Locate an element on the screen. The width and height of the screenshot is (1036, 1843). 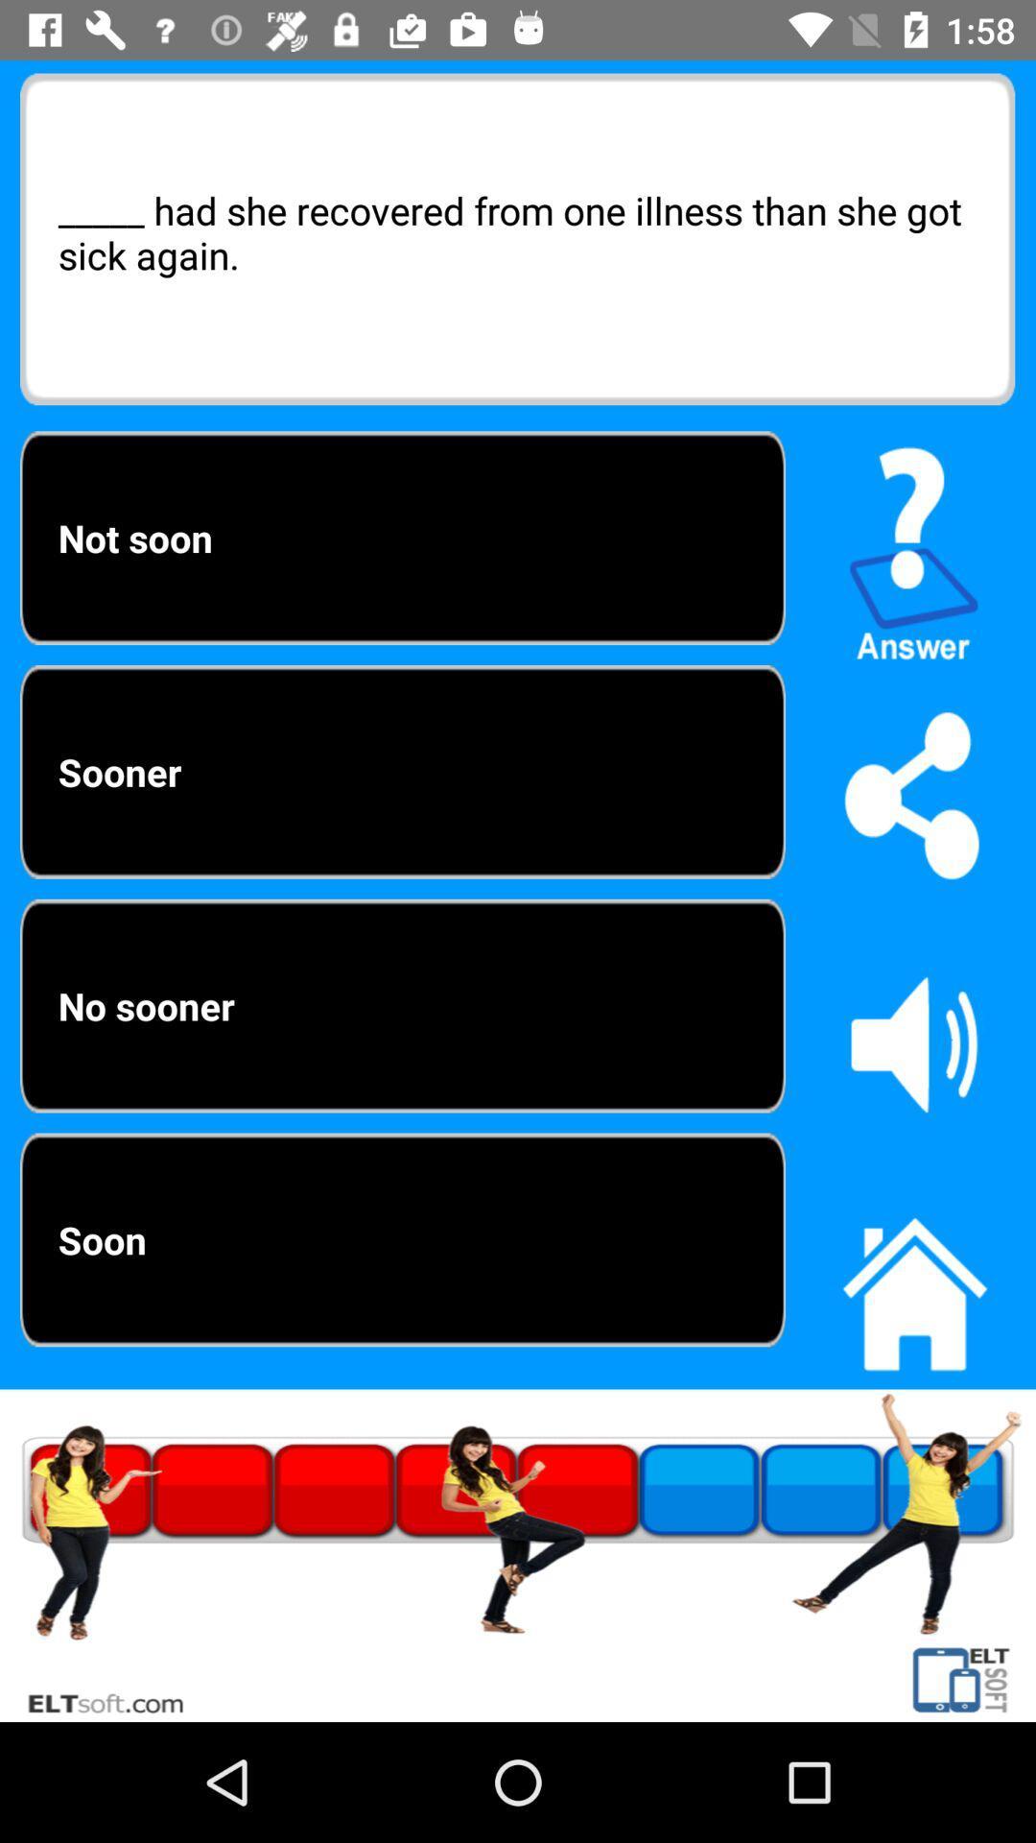
the not soon item is located at coordinates (402, 538).